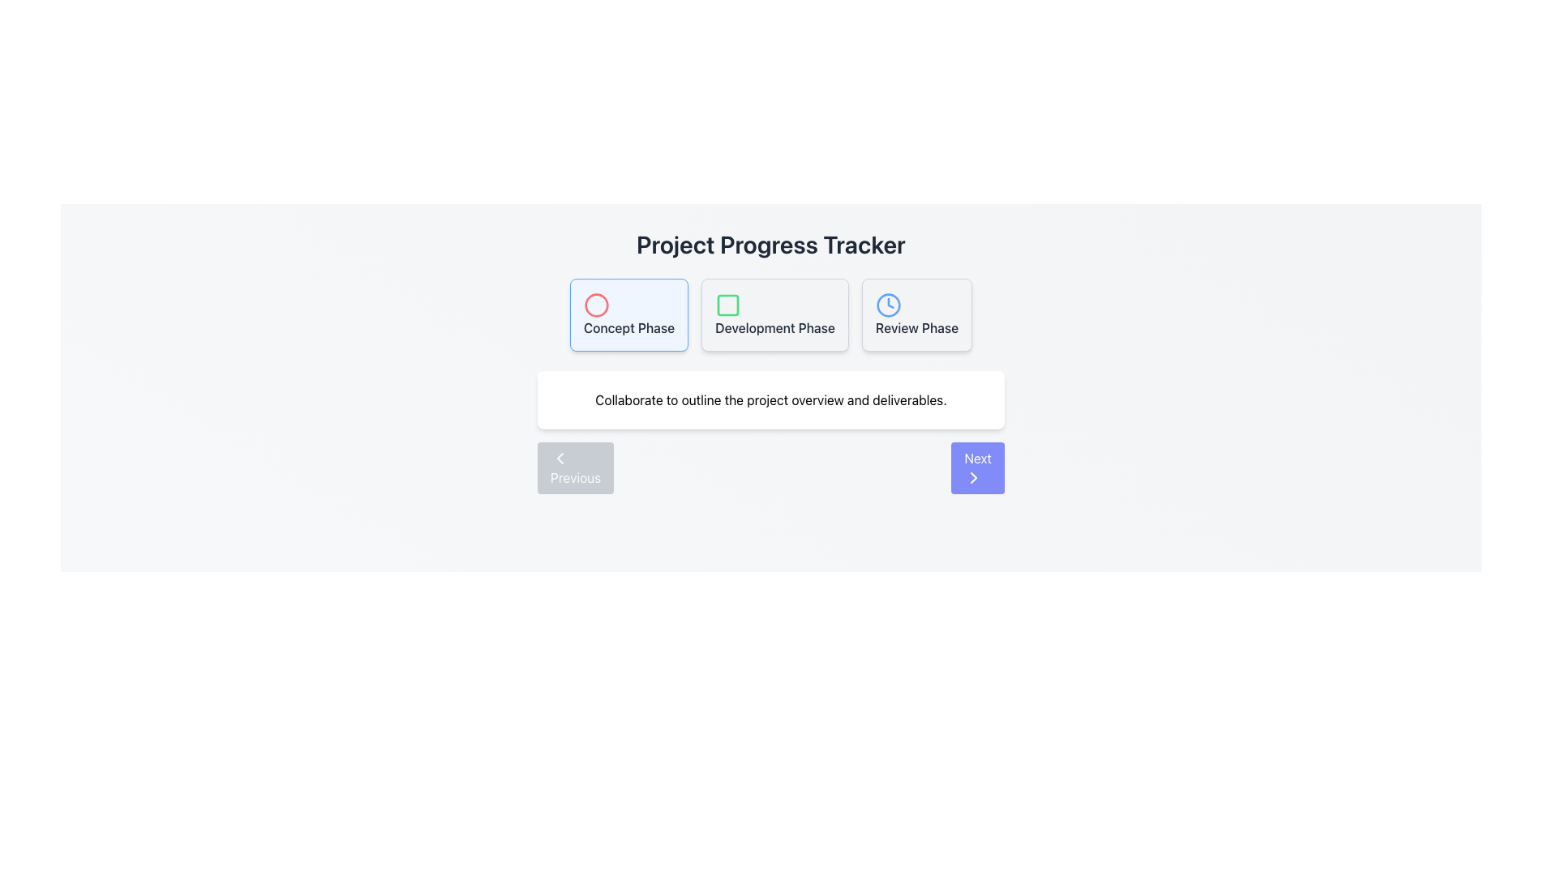 This screenshot has height=875, width=1557. What do you see at coordinates (917, 315) in the screenshot?
I see `the rightmost button labeled 'Review Phase' with a clock icon` at bounding box center [917, 315].